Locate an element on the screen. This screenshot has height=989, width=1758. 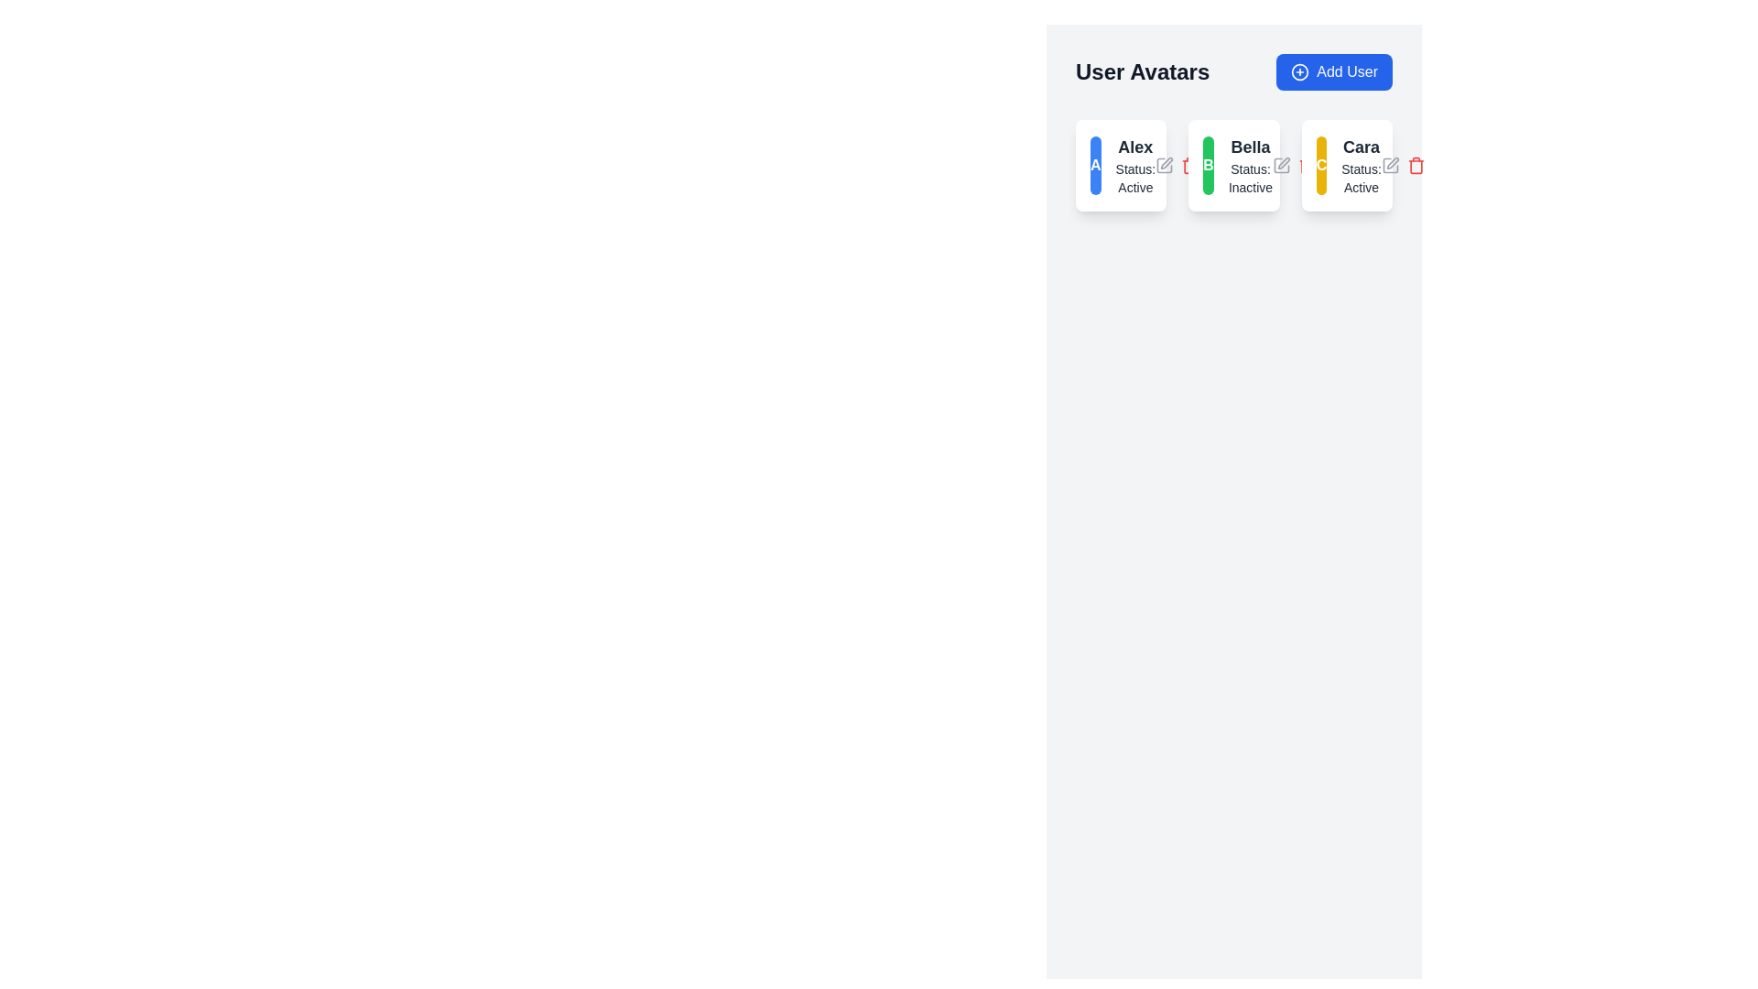
the Edit icon, which is a small square icon resembling a pencil located in the top-right corner of Bella's user card, to initiate editing is located at coordinates (1281, 166).